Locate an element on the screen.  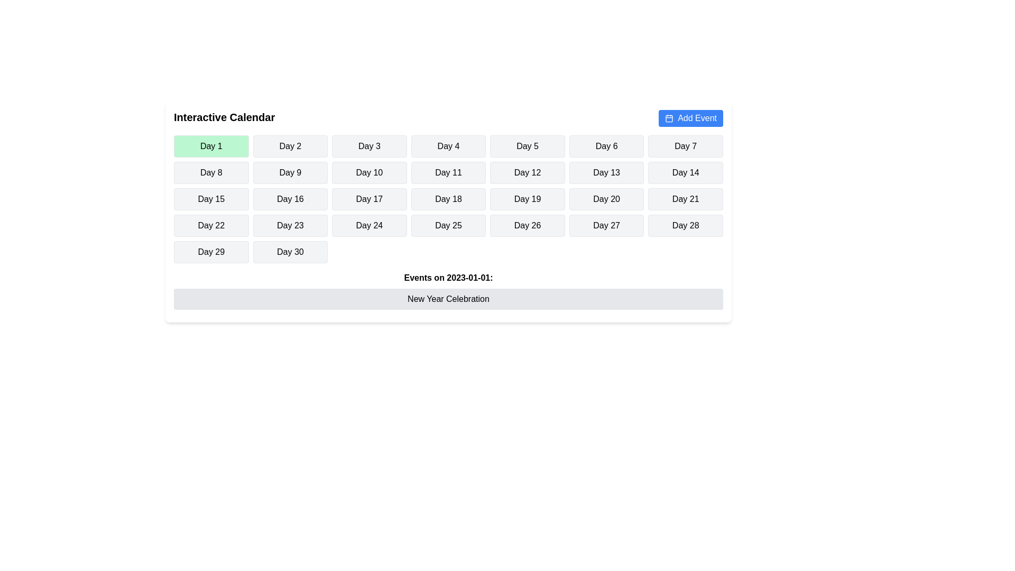
the small calendar icon located in the top-right corner of the calendar interface is located at coordinates (669, 118).